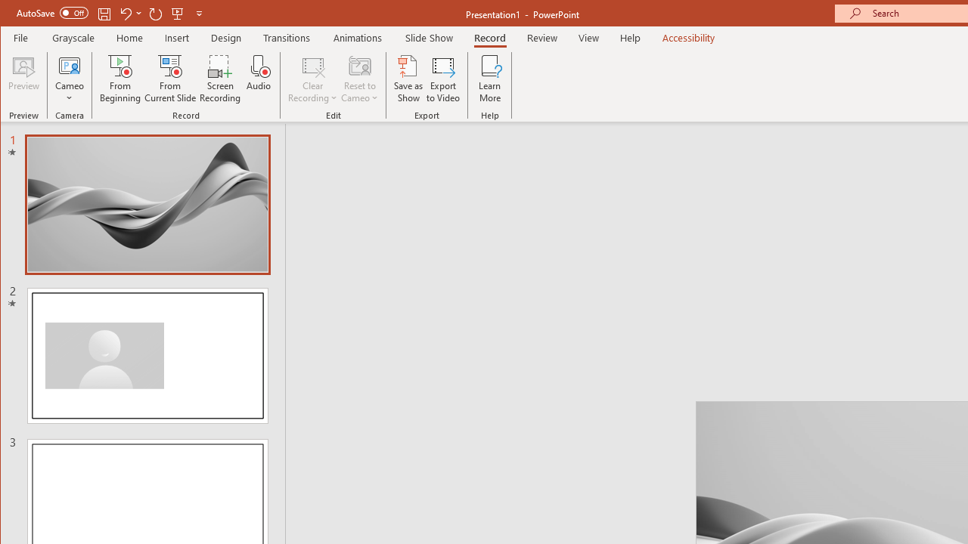  I want to click on 'Grayscale', so click(73, 37).